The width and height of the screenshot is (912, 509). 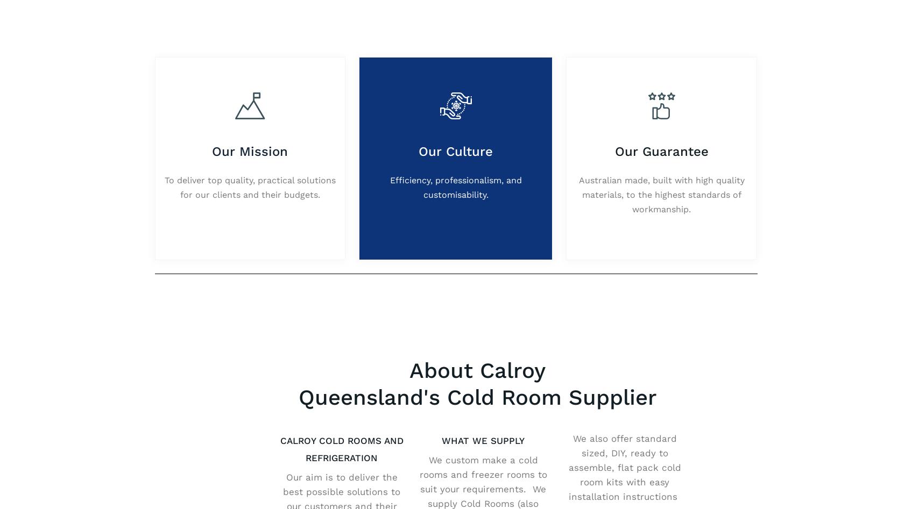 I want to click on 'CALROY COLD ROOMS AND REFRIGERATION', so click(x=341, y=448).